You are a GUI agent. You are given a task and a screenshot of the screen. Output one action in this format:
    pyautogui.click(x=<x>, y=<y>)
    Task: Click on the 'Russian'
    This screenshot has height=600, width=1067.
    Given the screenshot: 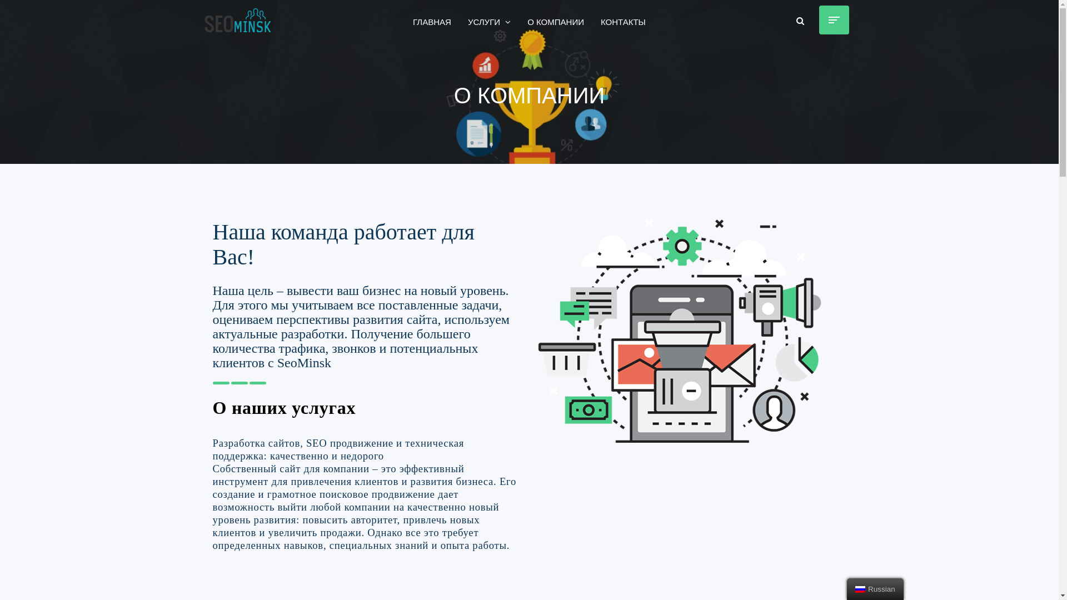 What is the action you would take?
    pyautogui.click(x=859, y=588)
    